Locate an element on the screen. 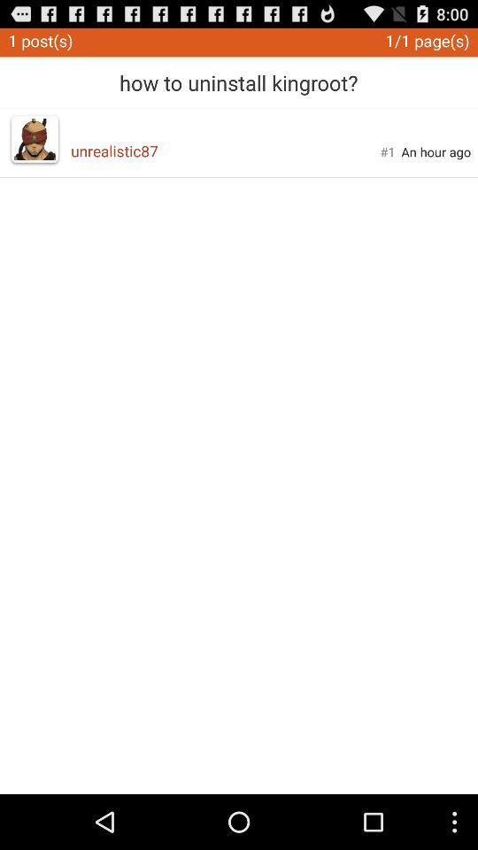 This screenshot has height=850, width=478. icon next to the 1 post(s) is located at coordinates (238, 76).